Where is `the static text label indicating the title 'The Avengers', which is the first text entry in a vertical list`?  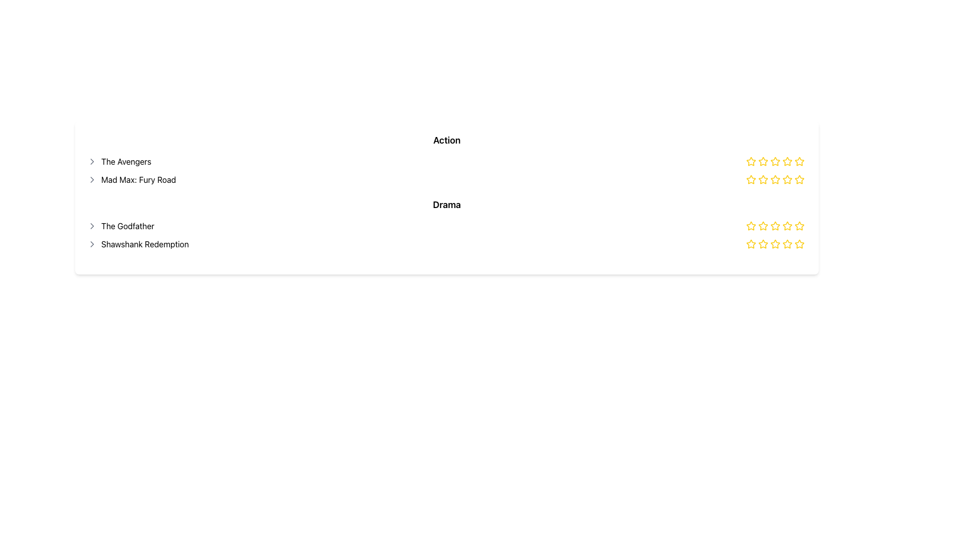 the static text label indicating the title 'The Avengers', which is the first text entry in a vertical list is located at coordinates (126, 161).